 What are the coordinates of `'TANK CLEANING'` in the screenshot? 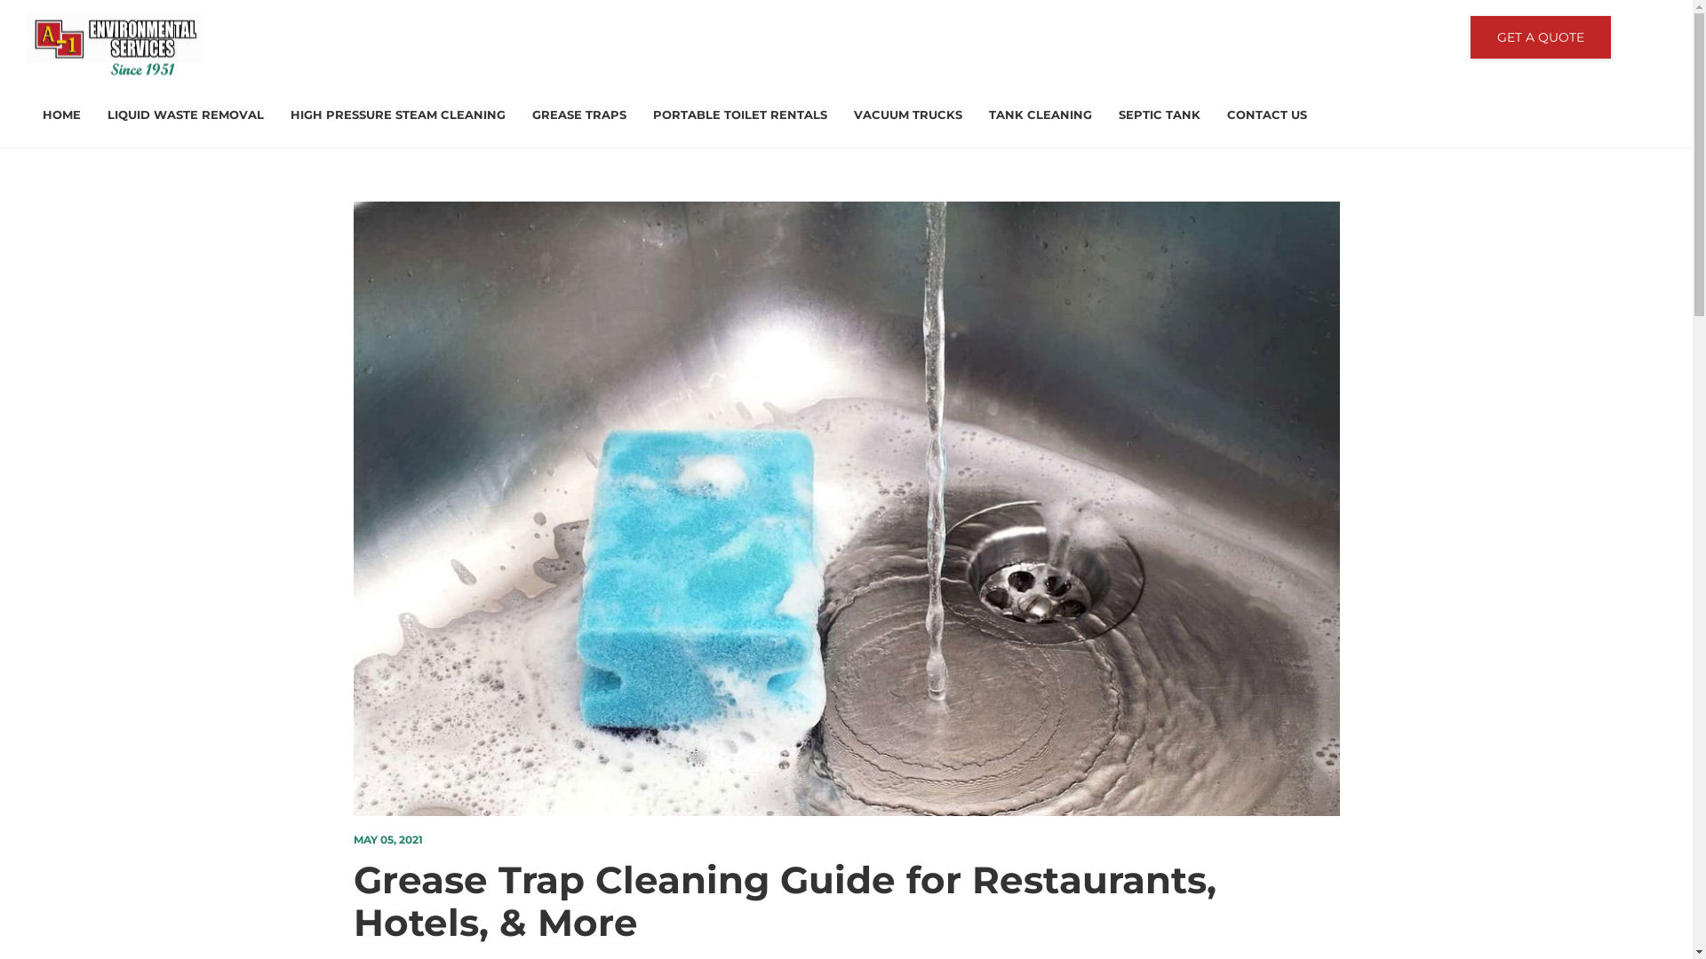 It's located at (1037, 115).